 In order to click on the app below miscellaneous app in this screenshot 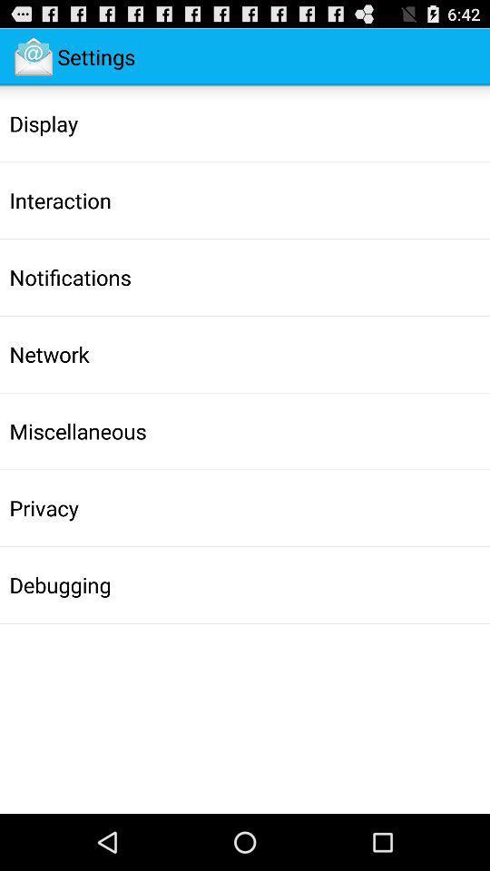, I will do `click(44, 508)`.